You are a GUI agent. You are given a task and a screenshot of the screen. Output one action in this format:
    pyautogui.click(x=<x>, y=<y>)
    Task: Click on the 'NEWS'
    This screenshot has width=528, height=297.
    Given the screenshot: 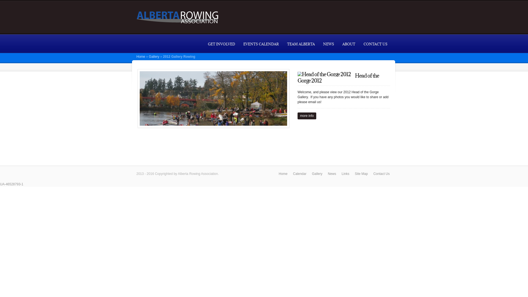 What is the action you would take?
    pyautogui.click(x=319, y=43)
    